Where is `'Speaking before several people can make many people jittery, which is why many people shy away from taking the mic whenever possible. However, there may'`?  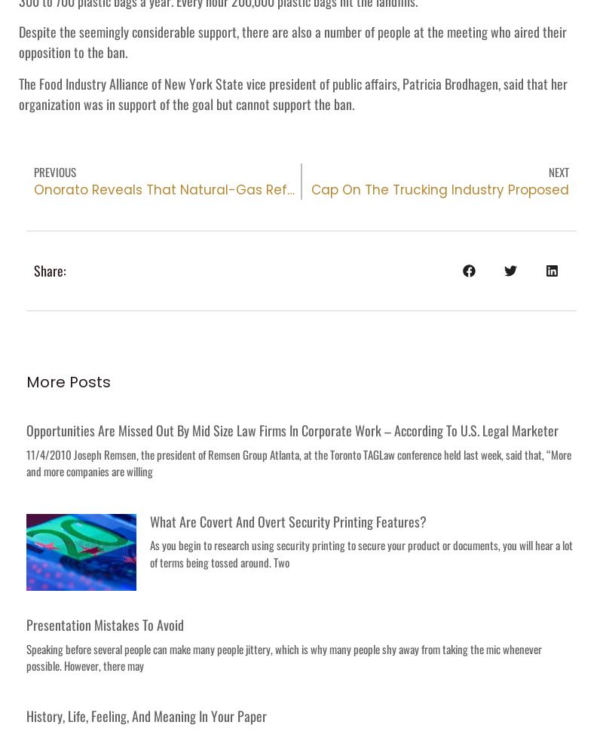
'Speaking before several people can make many people jittery, which is why many people shy away from taking the mic whenever possible. However, there may' is located at coordinates (283, 656).